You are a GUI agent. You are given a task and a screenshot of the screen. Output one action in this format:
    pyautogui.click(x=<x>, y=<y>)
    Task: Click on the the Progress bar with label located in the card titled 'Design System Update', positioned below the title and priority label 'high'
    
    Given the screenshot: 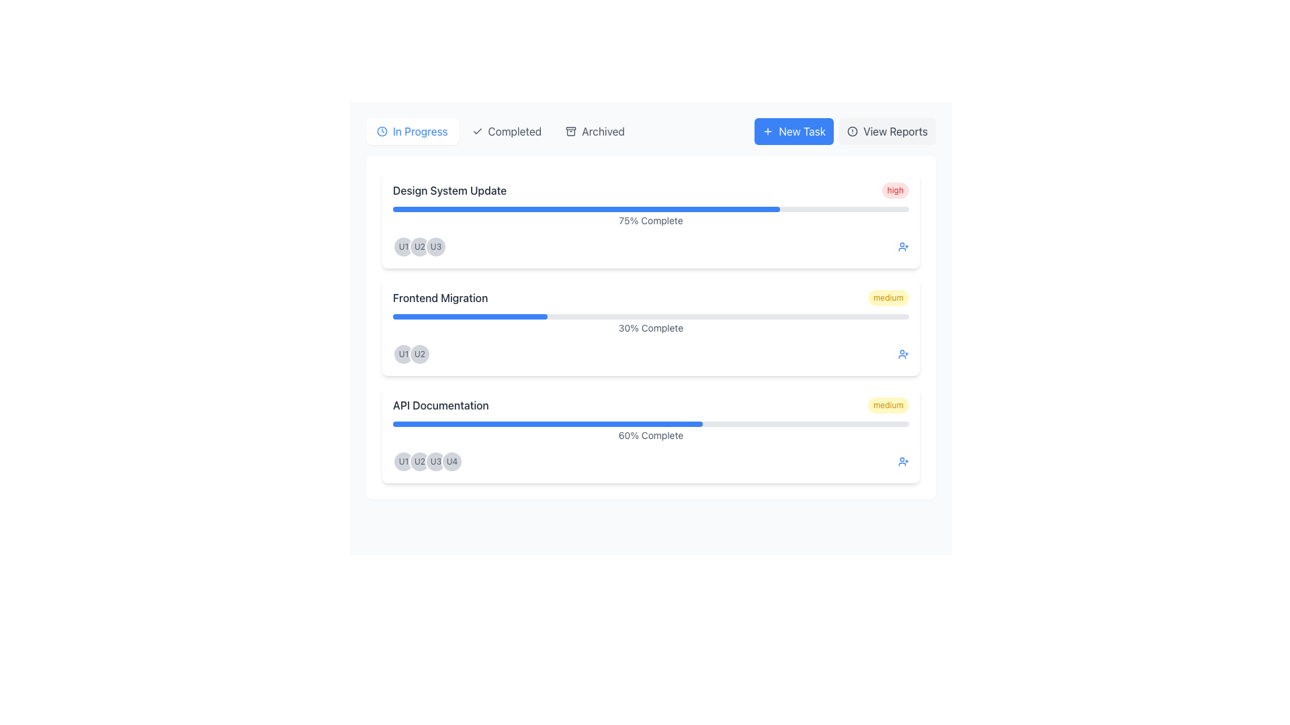 What is the action you would take?
    pyautogui.click(x=651, y=217)
    